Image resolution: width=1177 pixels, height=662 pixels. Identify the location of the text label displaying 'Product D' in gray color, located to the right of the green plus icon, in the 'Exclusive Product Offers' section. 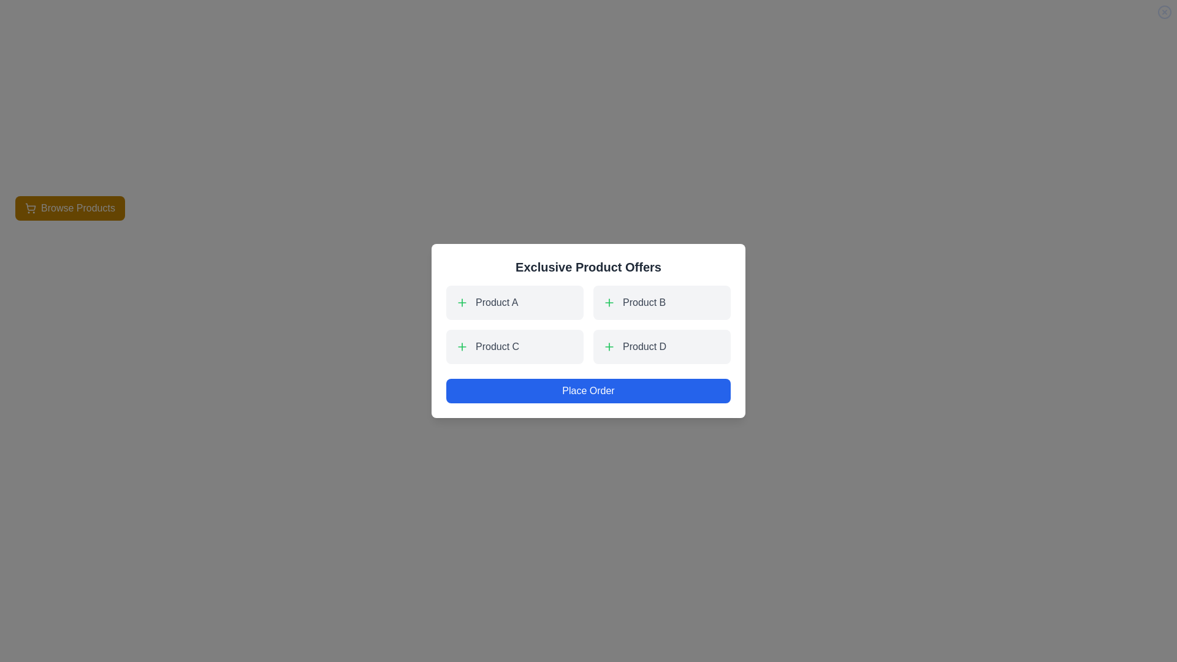
(644, 347).